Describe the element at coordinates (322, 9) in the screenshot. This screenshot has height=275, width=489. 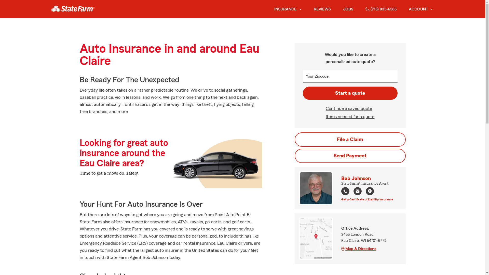
I see `'REVIEWS'` at that location.